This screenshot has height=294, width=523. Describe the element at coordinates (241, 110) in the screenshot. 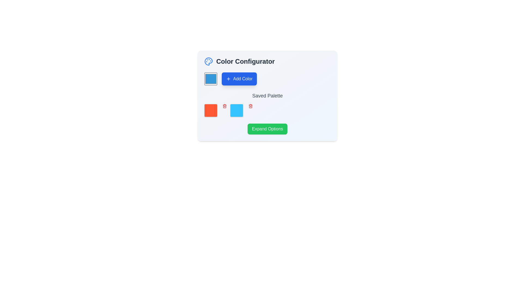

I see `the light blue color swatch` at that location.